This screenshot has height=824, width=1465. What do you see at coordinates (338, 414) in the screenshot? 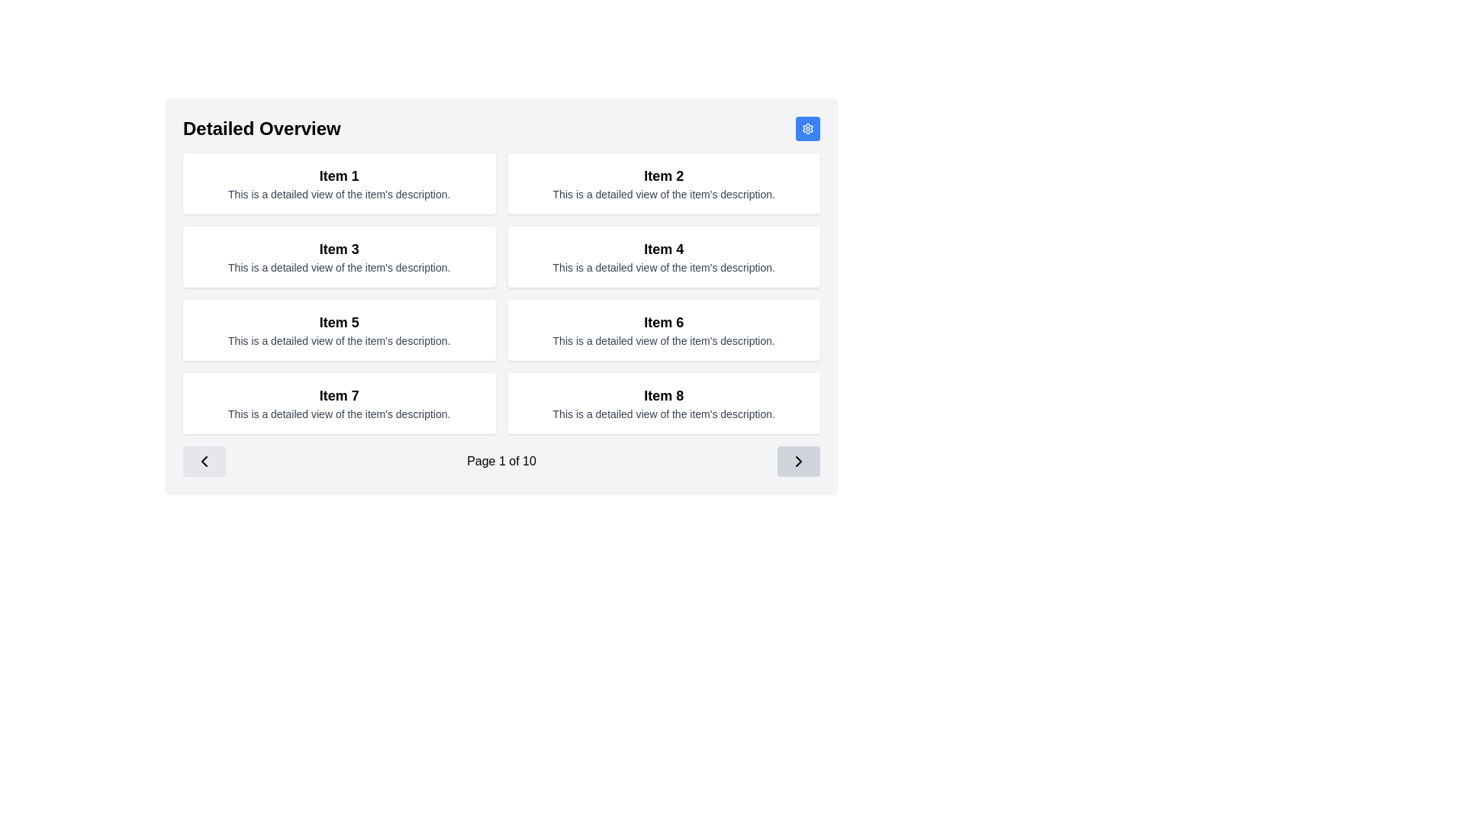
I see `the static informational text located directly below the title 'Item 7' within the white card in the first column of the fourth row of the grid layout` at bounding box center [338, 414].